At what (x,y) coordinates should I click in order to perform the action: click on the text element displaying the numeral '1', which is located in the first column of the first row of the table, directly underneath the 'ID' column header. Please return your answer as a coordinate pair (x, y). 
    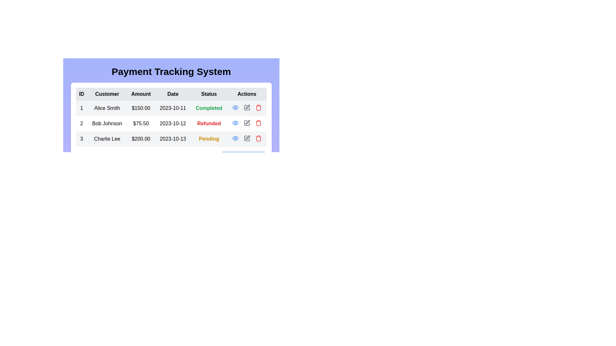
    Looking at the image, I should click on (81, 108).